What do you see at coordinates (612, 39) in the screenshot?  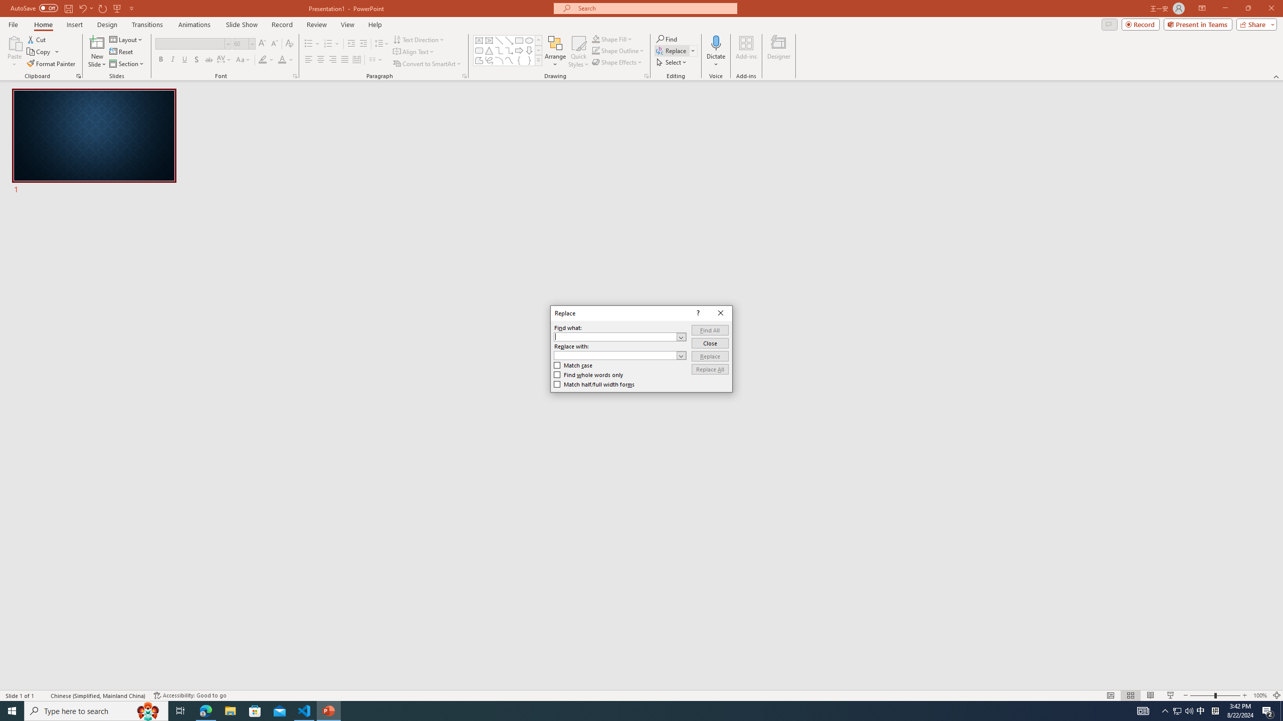 I see `'Shape Fill'` at bounding box center [612, 39].